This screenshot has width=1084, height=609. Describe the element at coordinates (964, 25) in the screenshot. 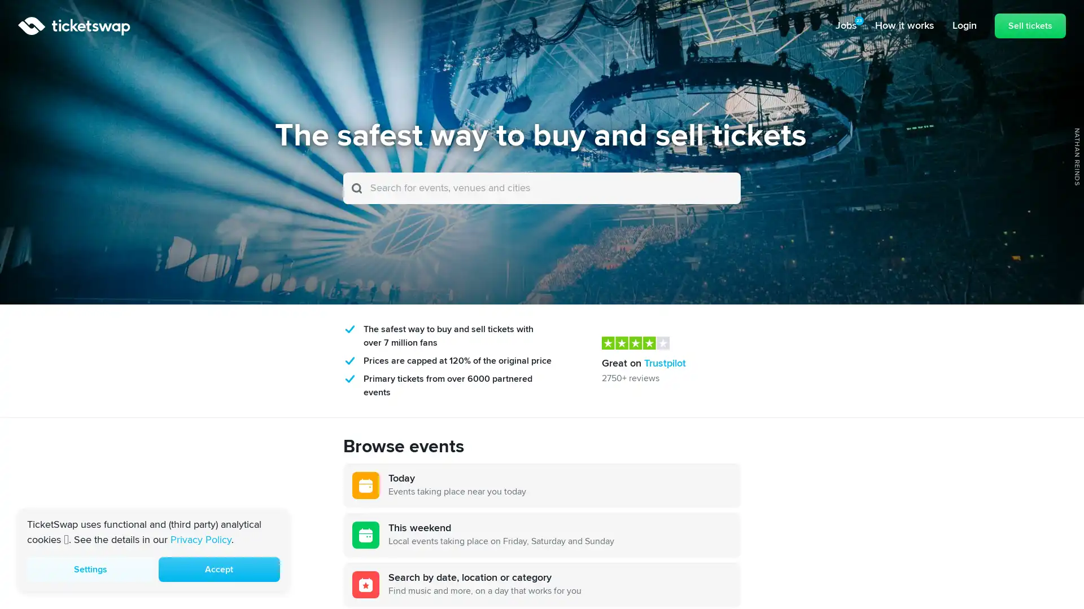

I see `Login` at that location.